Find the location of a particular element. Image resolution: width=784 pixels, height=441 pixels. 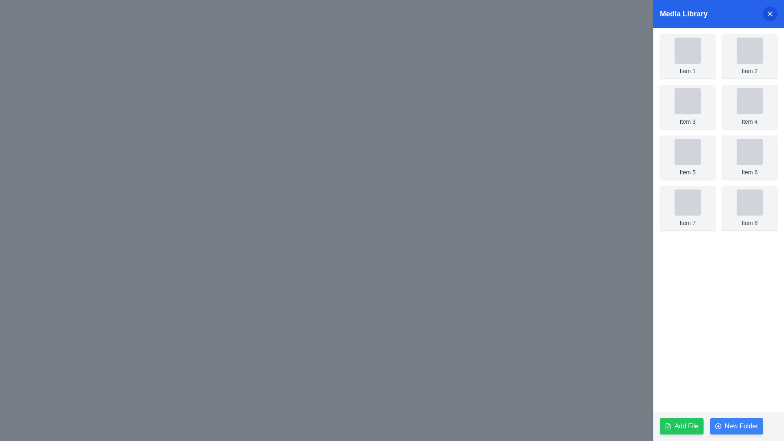

the Grid Item labeled 'Item 6', which is a rectangular component with a light gray background located in the third row and second column of the Media Library interface is located at coordinates (750, 157).